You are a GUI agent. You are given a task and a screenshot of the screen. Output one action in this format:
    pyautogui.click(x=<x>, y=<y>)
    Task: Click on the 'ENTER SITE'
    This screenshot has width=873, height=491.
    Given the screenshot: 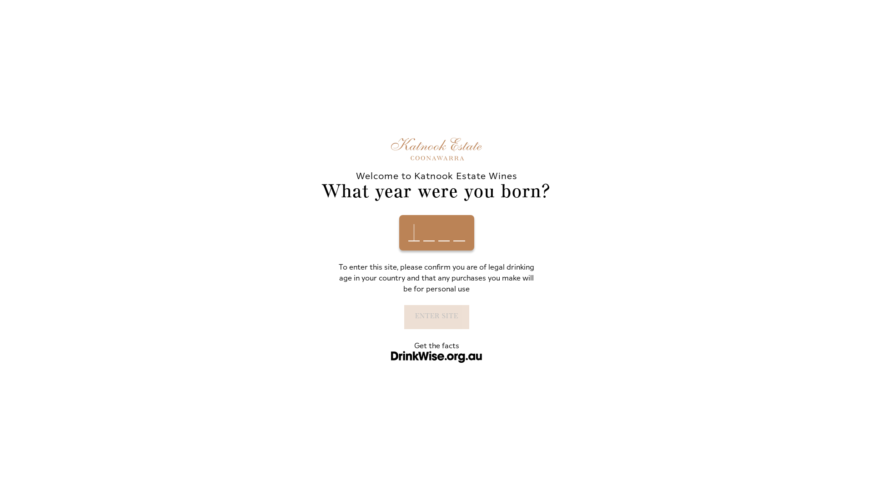 What is the action you would take?
    pyautogui.click(x=436, y=316)
    